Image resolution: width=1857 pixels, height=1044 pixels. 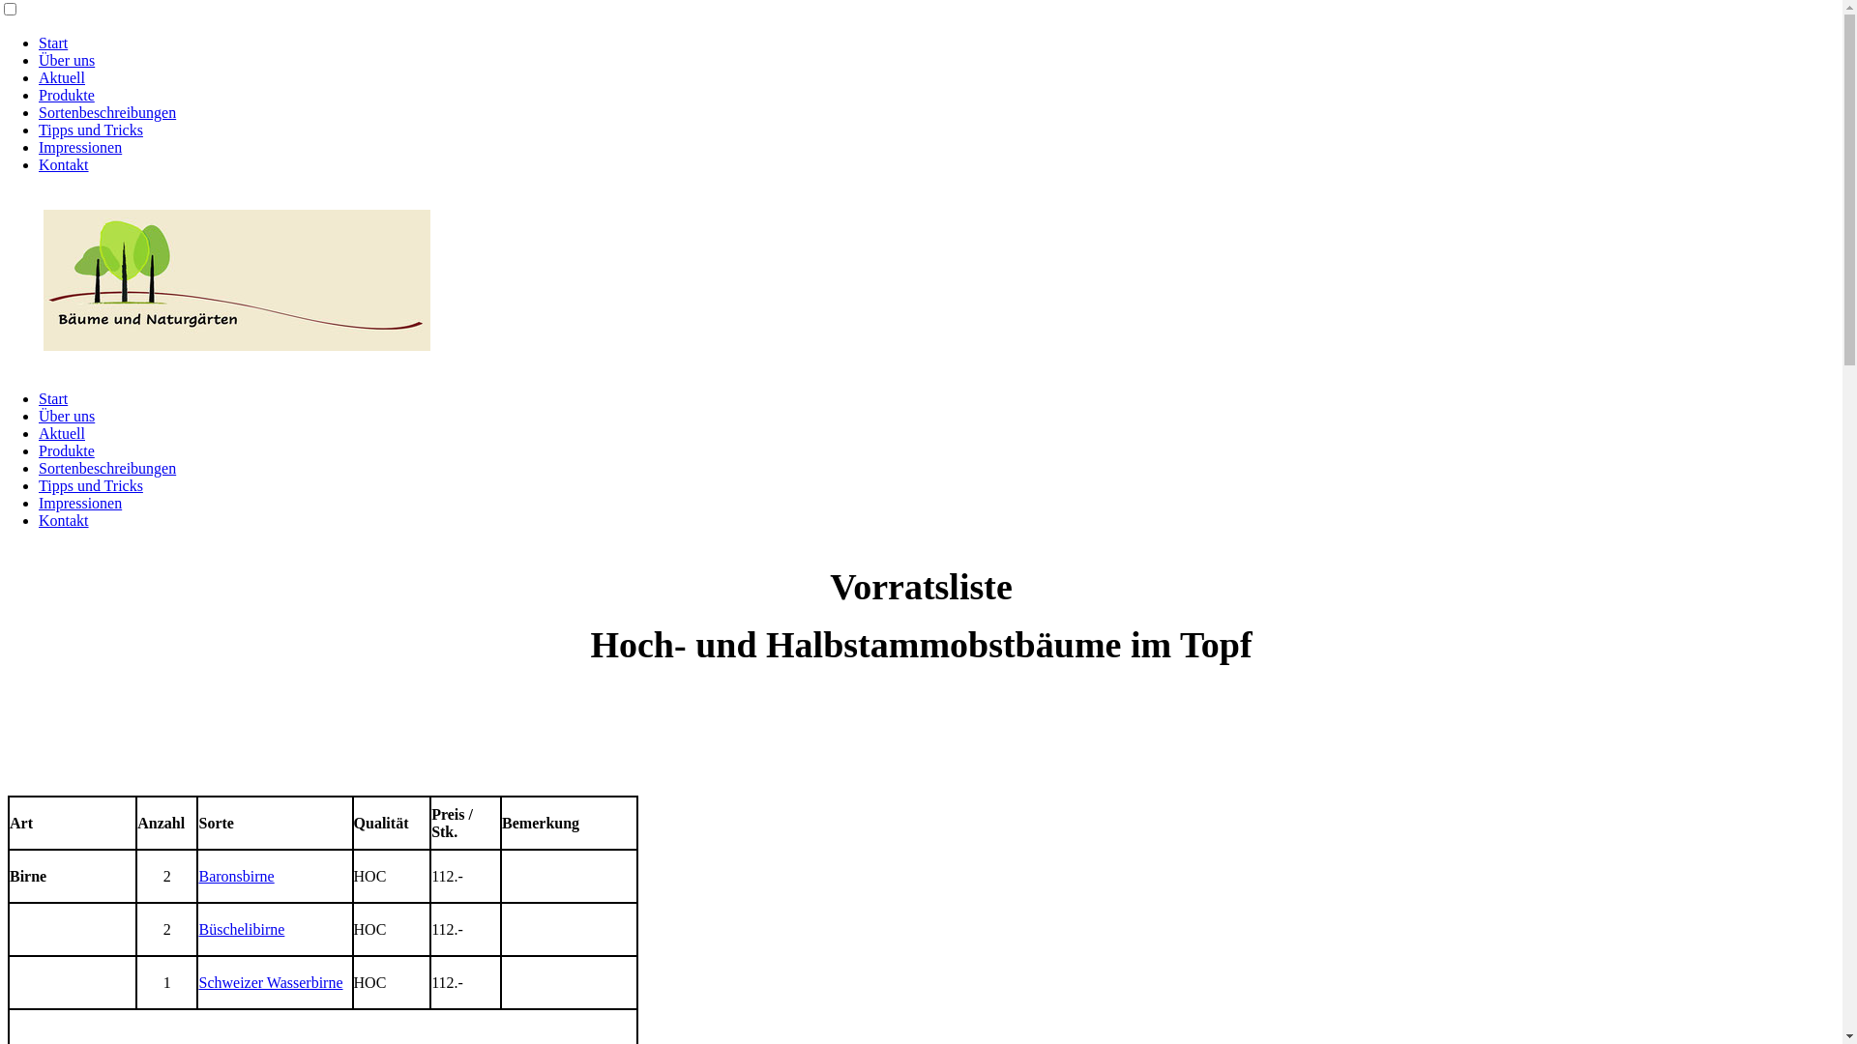 What do you see at coordinates (66, 95) in the screenshot?
I see `'Produkte'` at bounding box center [66, 95].